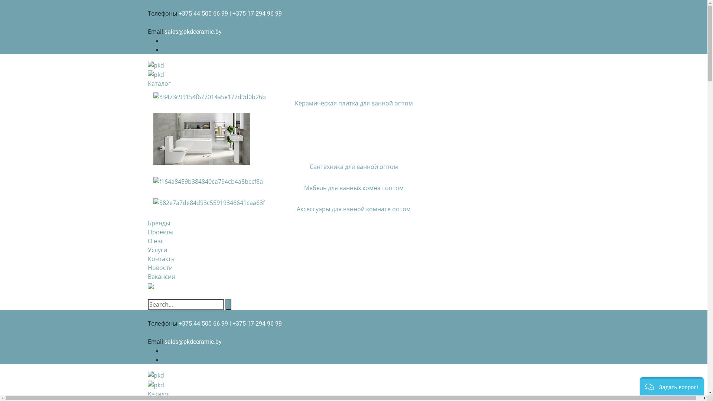 The width and height of the screenshot is (713, 401). I want to click on '| +375 17 294-96-99', so click(255, 13).